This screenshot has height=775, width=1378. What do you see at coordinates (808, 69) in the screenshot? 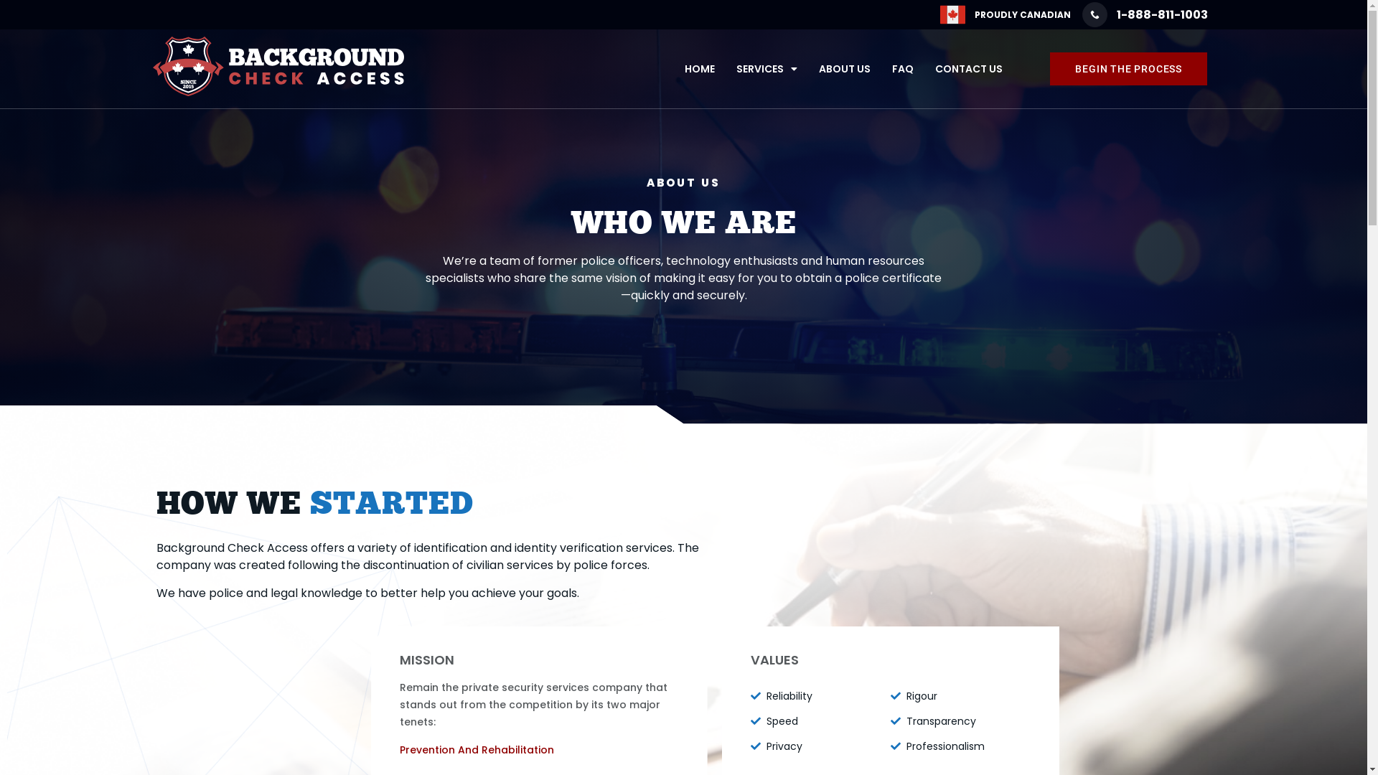
I see `'ABOUT US'` at bounding box center [808, 69].